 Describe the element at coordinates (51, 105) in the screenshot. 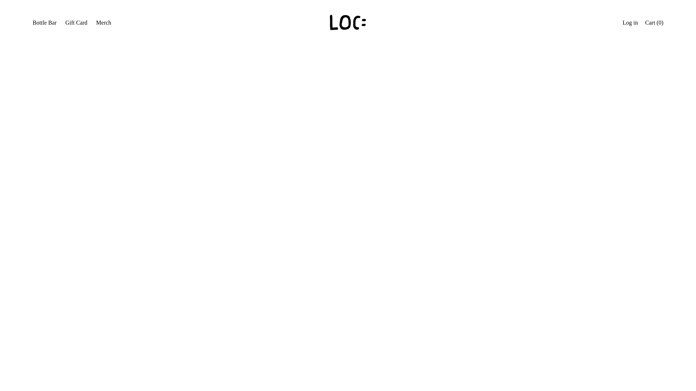

I see `'Bottle Bar'` at that location.